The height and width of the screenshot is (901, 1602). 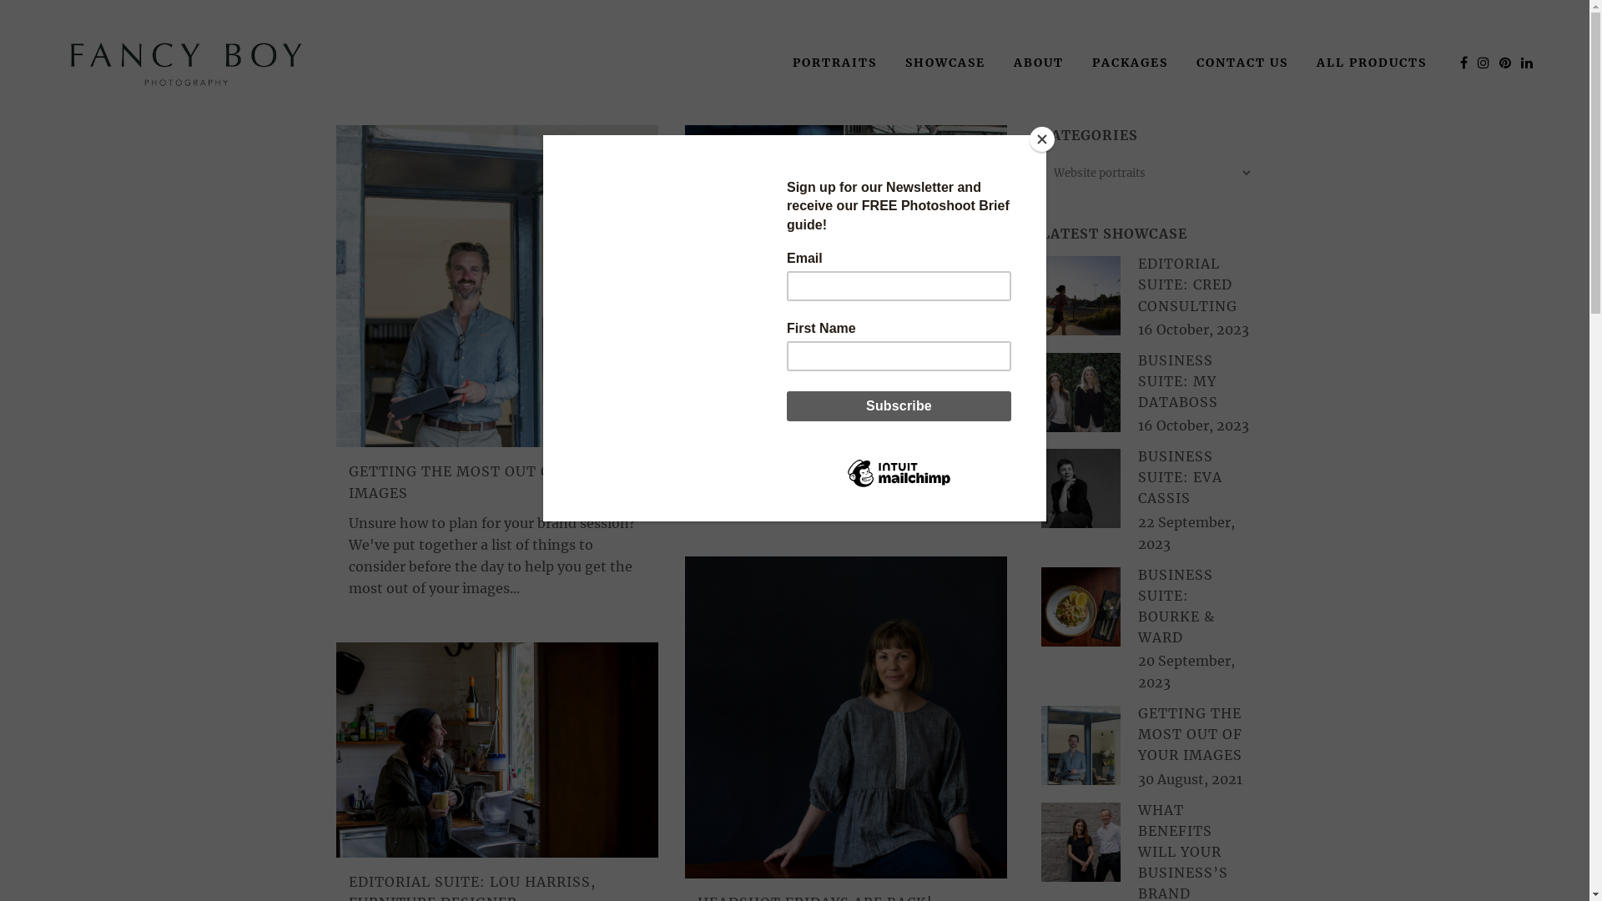 What do you see at coordinates (844, 717) in the screenshot?
I see `'Headshot friDays are back!'` at bounding box center [844, 717].